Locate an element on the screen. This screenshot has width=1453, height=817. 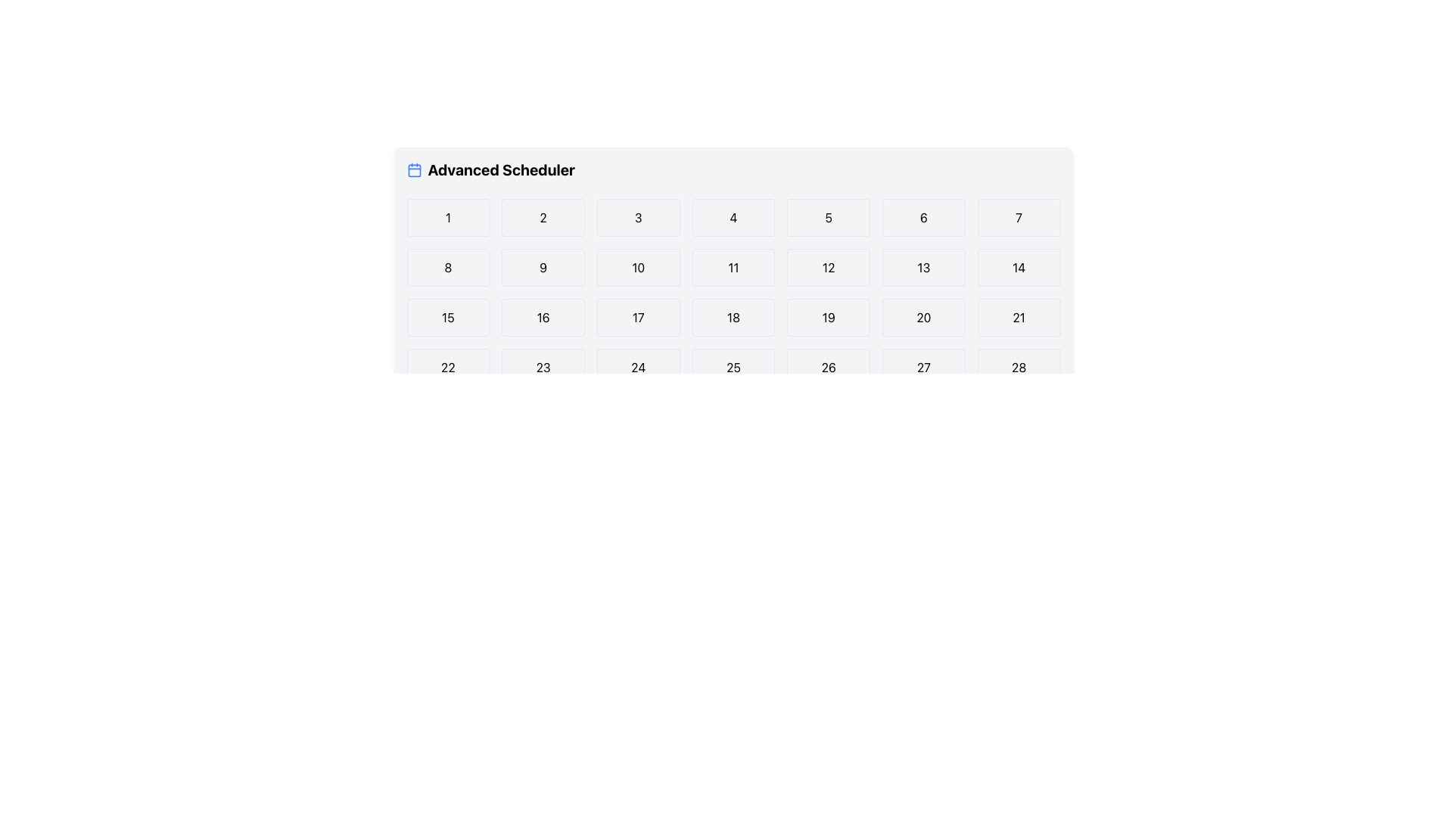
the selectable date option button located in the fourth row and fifth column of the calendar interface is located at coordinates (828, 368).